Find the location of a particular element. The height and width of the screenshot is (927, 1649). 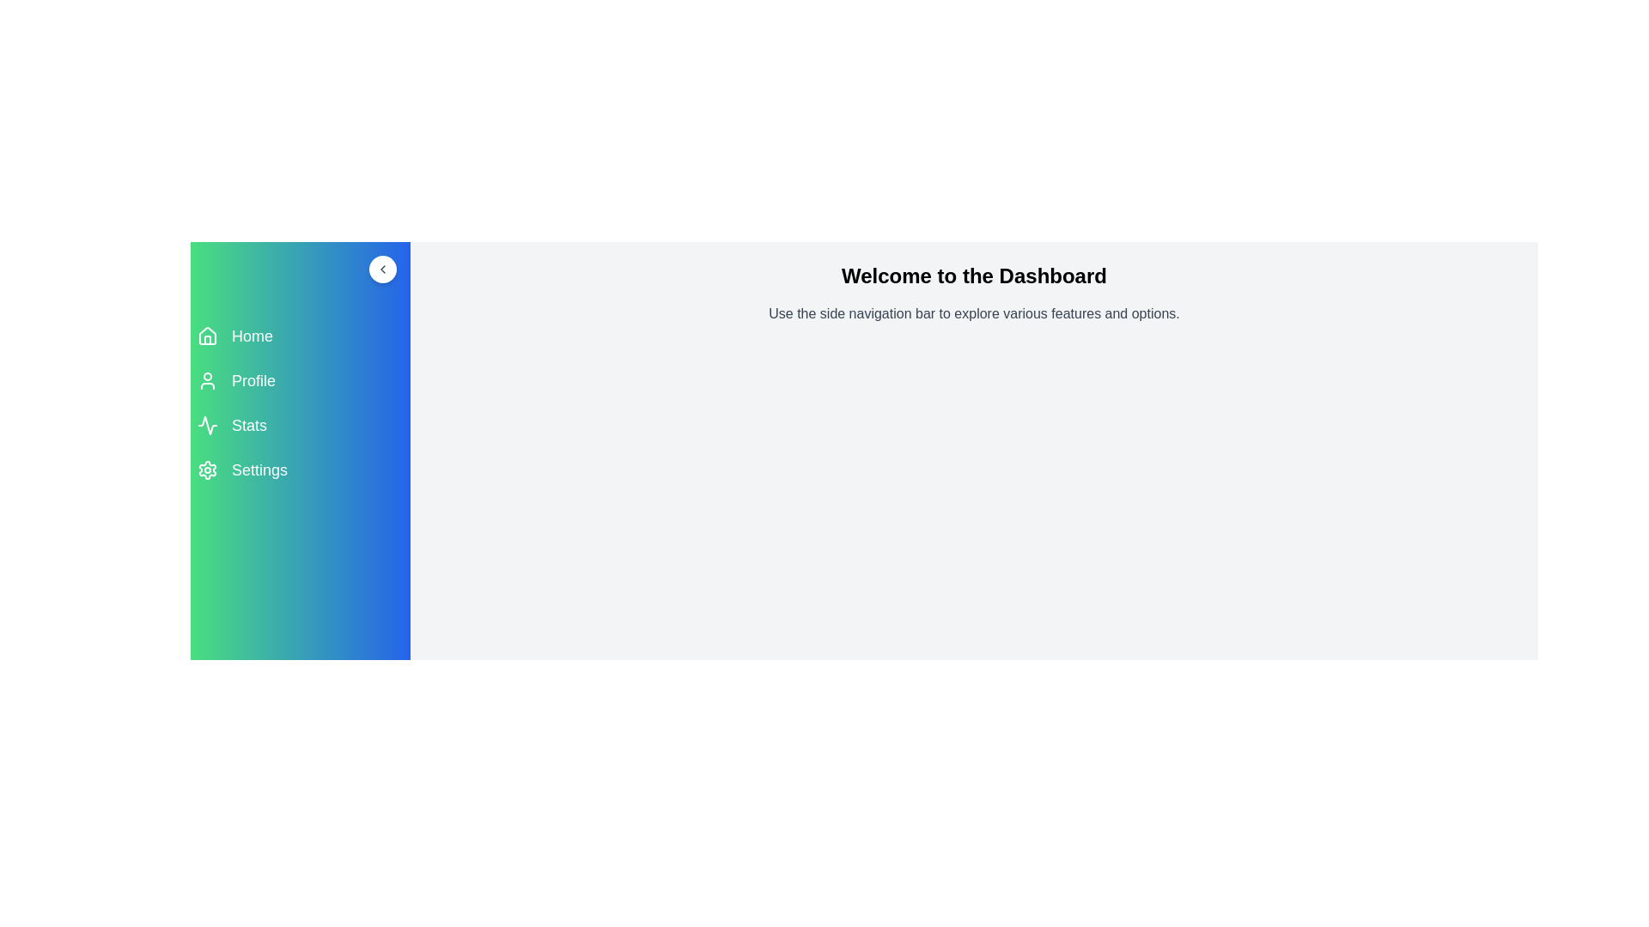

the left-pointing chevron icon located within a circular button at the upper-right edge of the vertical navigation bar is located at coordinates (382, 269).